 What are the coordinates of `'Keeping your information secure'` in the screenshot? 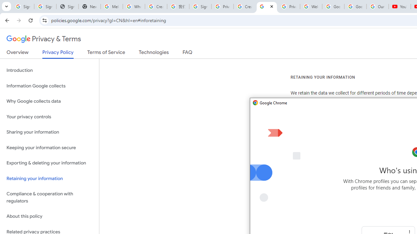 It's located at (49, 148).